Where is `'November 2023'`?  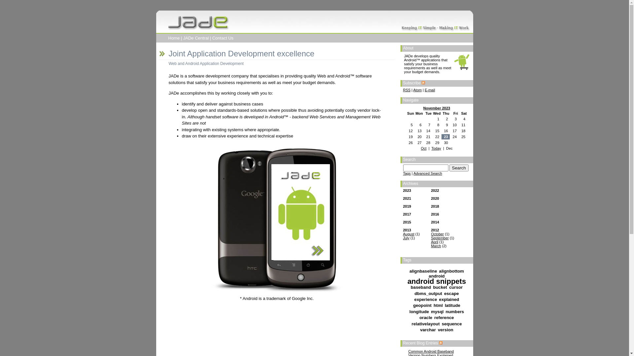 'November 2023' is located at coordinates (423, 107).